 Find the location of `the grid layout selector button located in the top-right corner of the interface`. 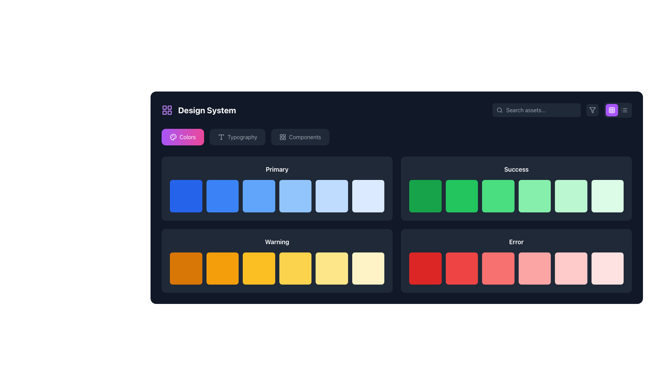

the grid layout selector button located in the top-right corner of the interface is located at coordinates (612, 110).